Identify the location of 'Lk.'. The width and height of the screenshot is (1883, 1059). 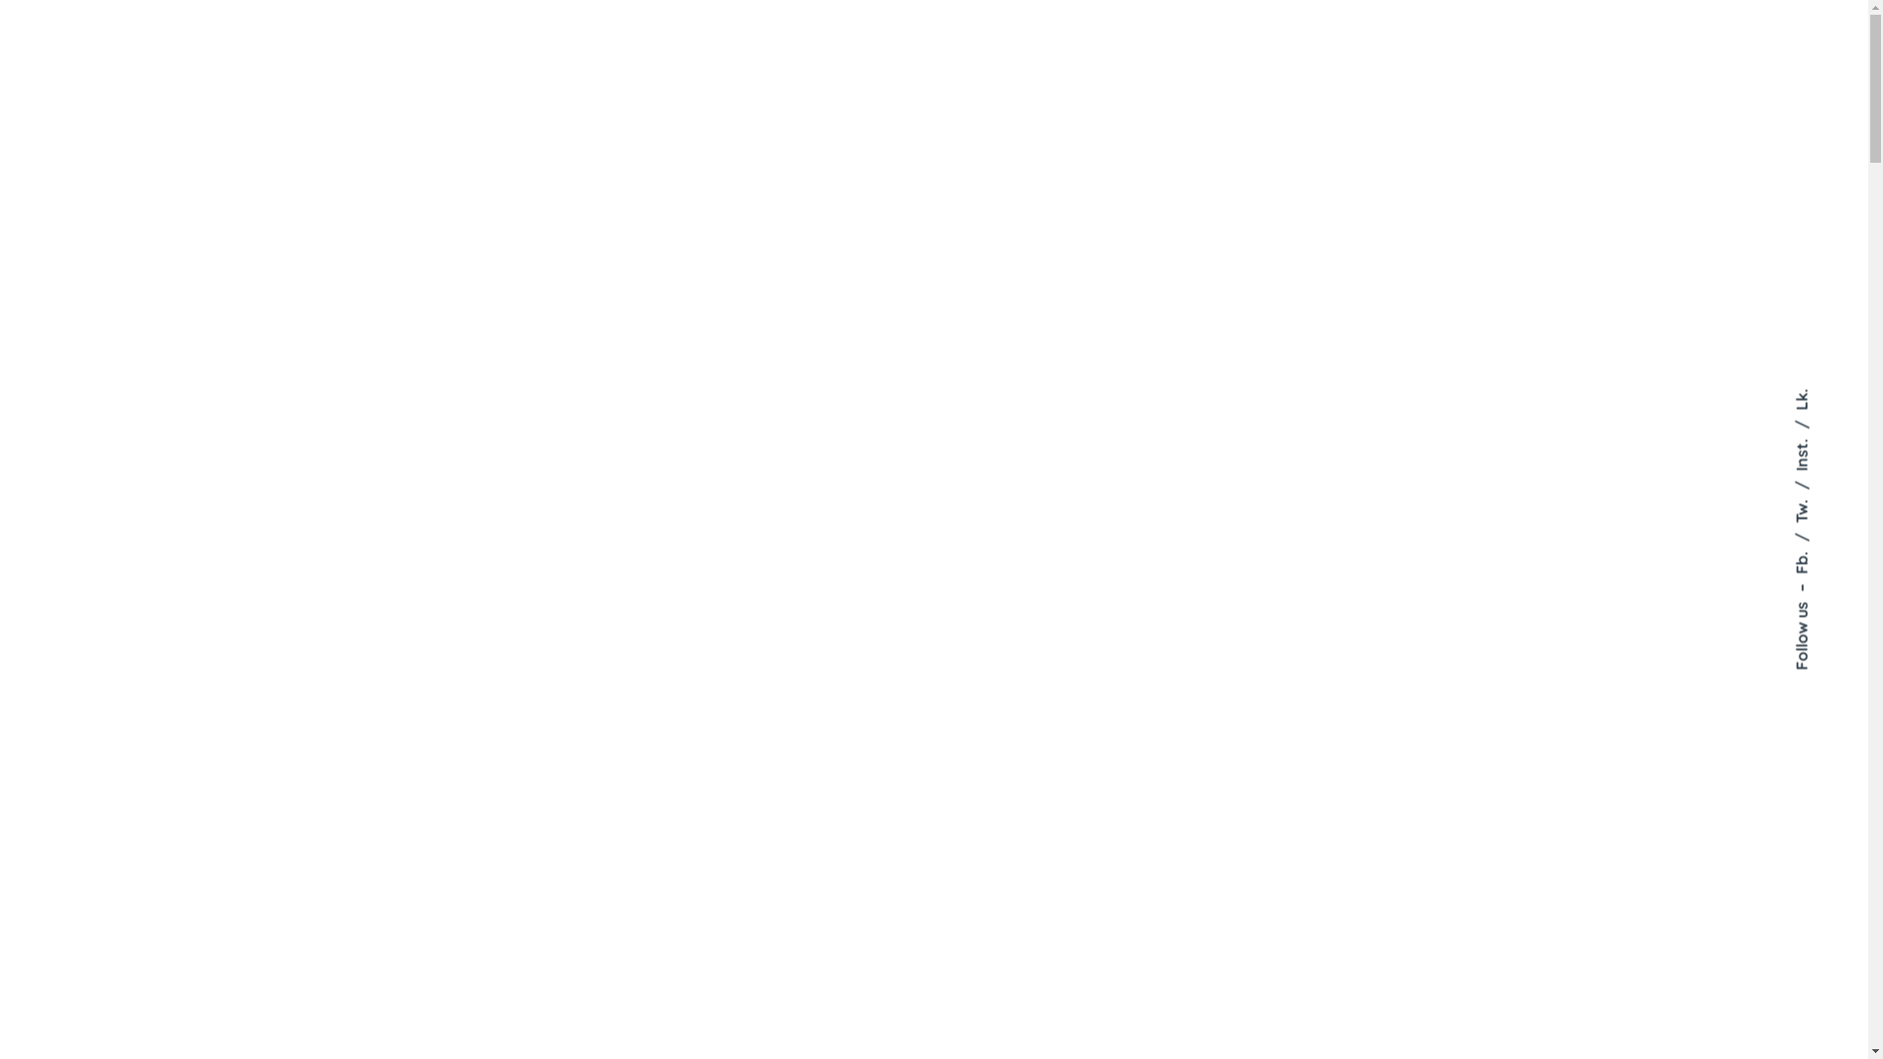
(1792, 397).